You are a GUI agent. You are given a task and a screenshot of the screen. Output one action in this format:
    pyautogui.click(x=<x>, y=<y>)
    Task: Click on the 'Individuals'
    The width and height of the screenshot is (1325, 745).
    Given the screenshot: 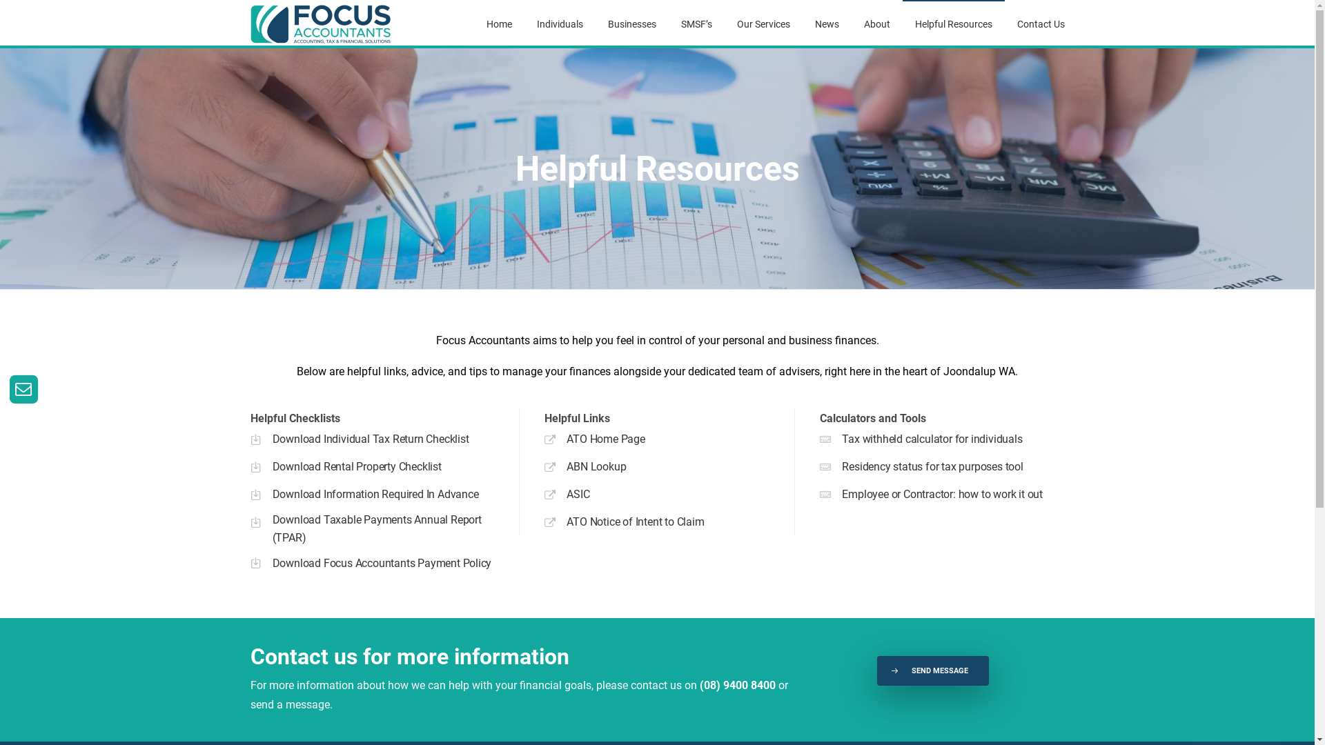 What is the action you would take?
    pyautogui.click(x=536, y=23)
    